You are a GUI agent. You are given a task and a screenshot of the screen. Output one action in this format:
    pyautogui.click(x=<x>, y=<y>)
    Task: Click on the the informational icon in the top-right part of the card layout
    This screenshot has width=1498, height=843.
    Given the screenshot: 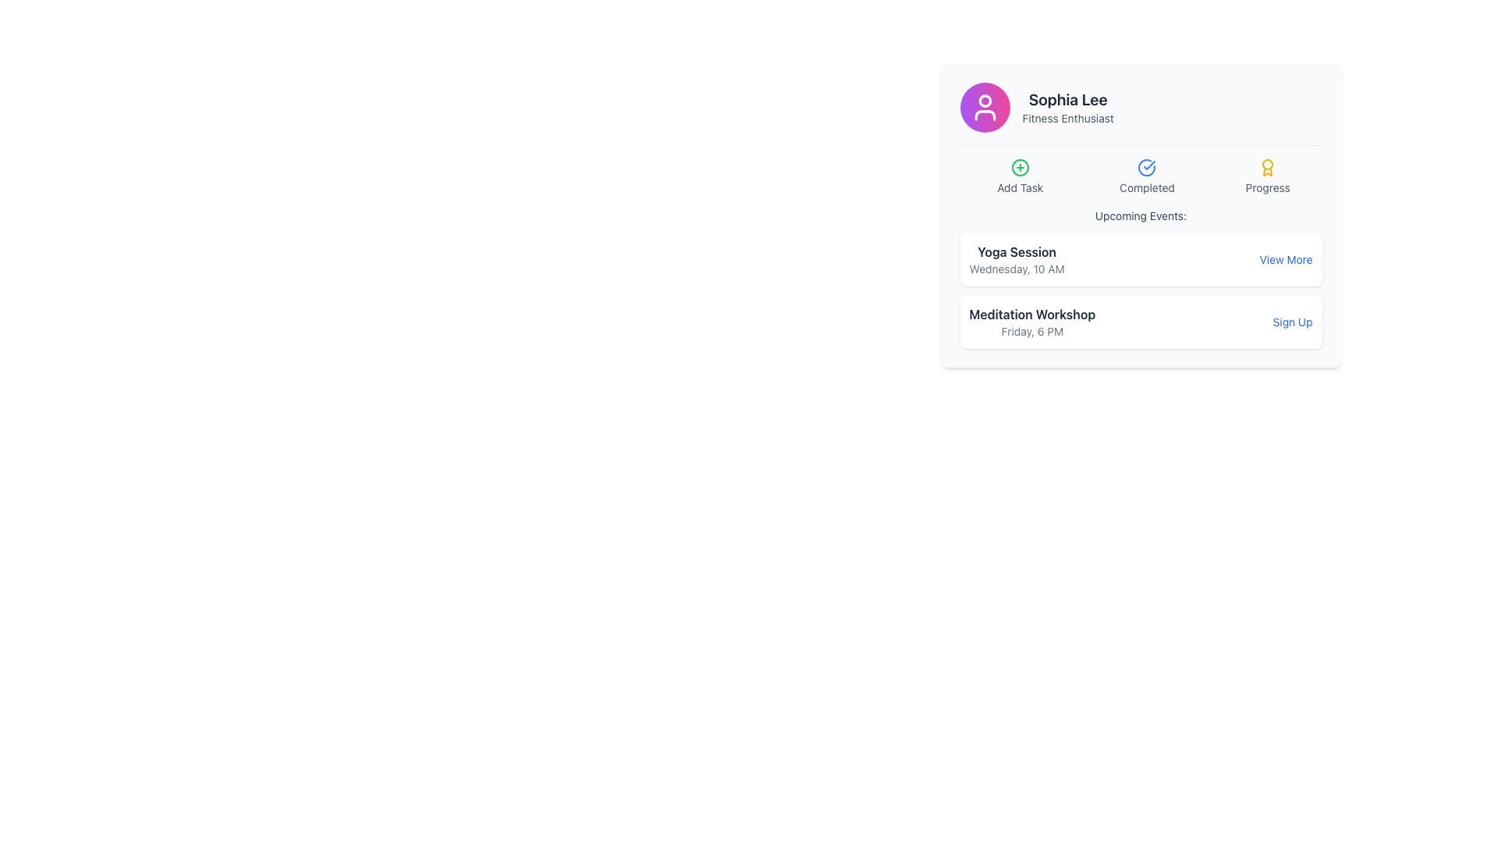 What is the action you would take?
    pyautogui.click(x=1268, y=176)
    